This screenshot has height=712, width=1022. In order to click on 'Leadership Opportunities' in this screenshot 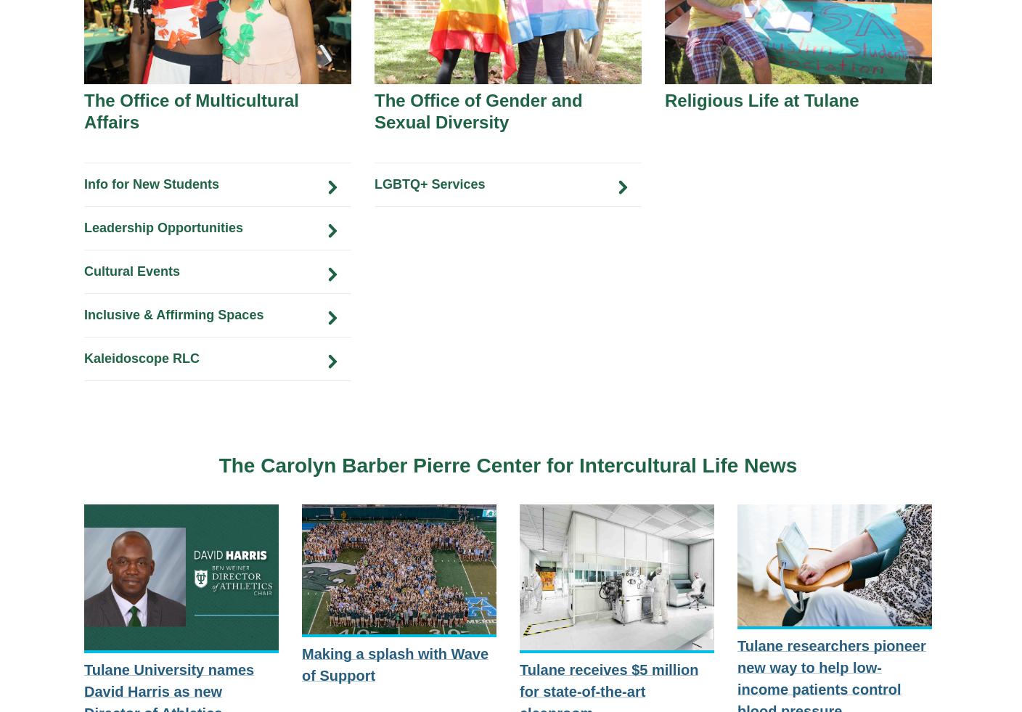, I will do `click(163, 226)`.